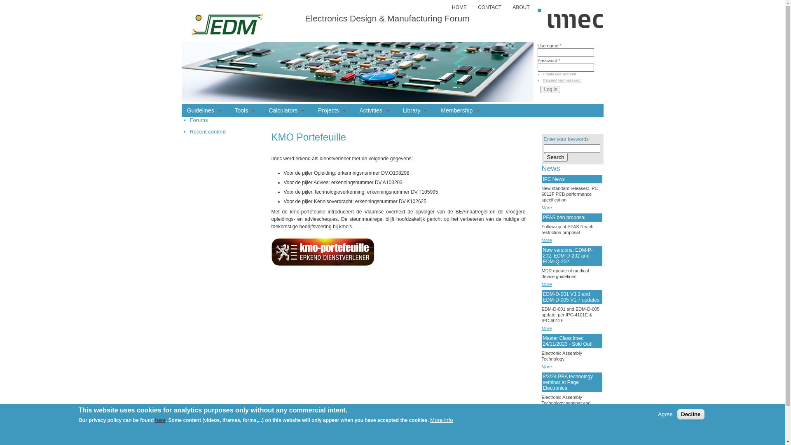 This screenshot has height=445, width=791. Describe the element at coordinates (690, 414) in the screenshot. I see `'Decline'` at that location.